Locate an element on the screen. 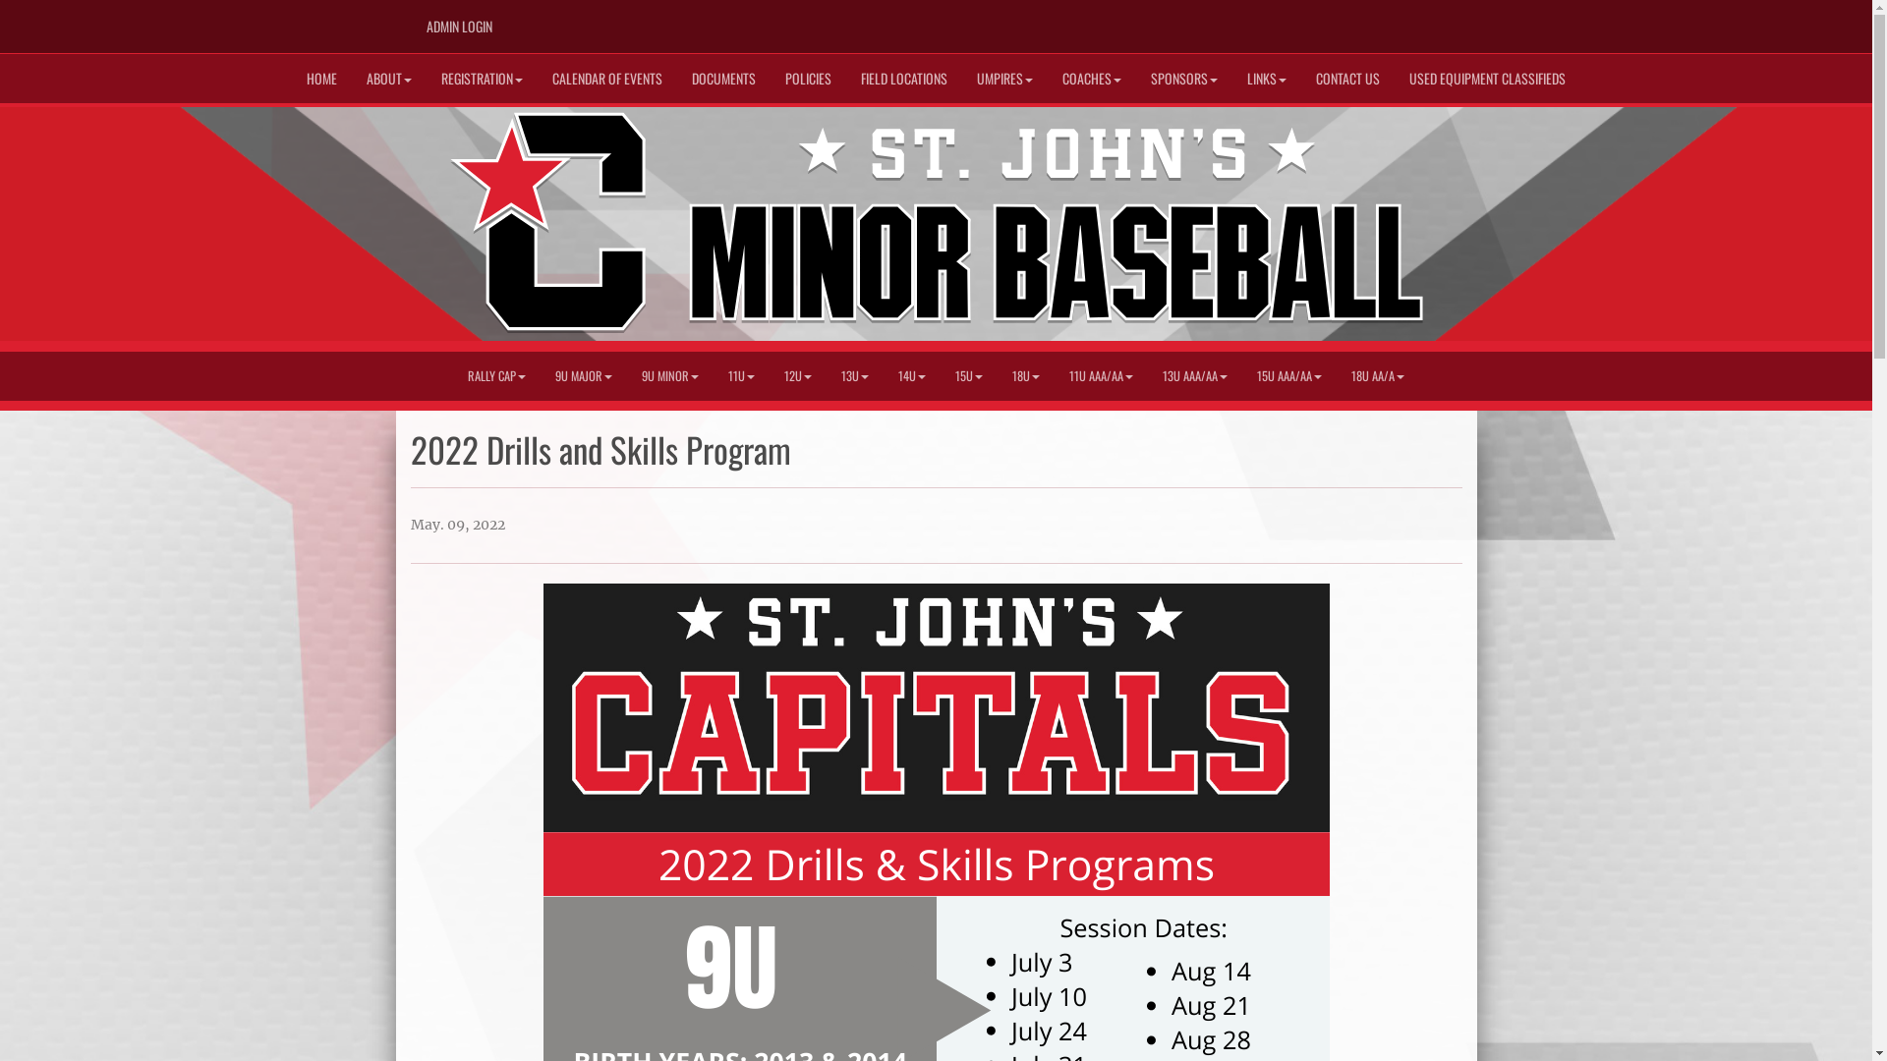 This screenshot has width=1887, height=1061. 'ABOUT' is located at coordinates (352, 78).